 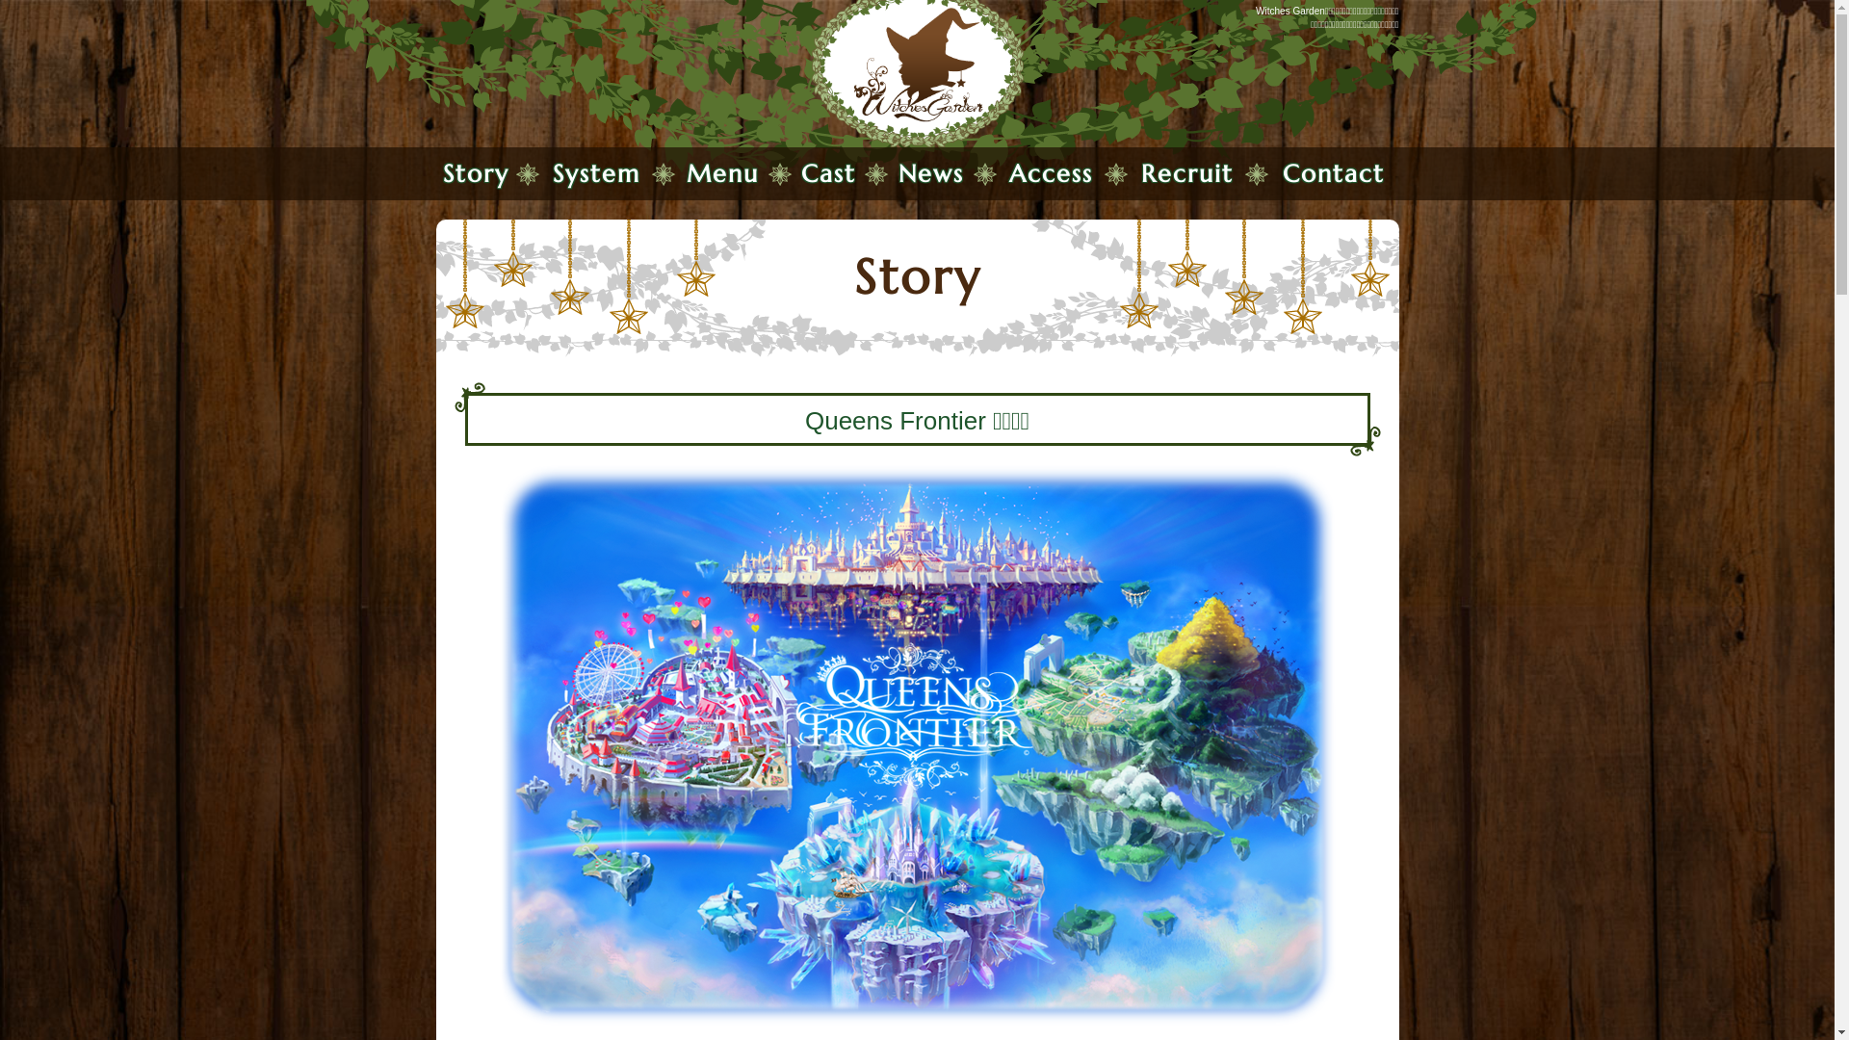 What do you see at coordinates (552, 173) in the screenshot?
I see `'System'` at bounding box center [552, 173].